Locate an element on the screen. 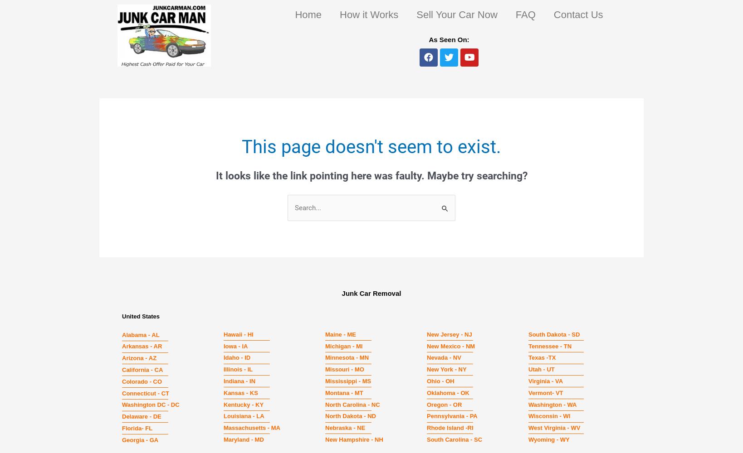 The height and width of the screenshot is (453, 743). 'Alabama - AL' is located at coordinates (141, 334).